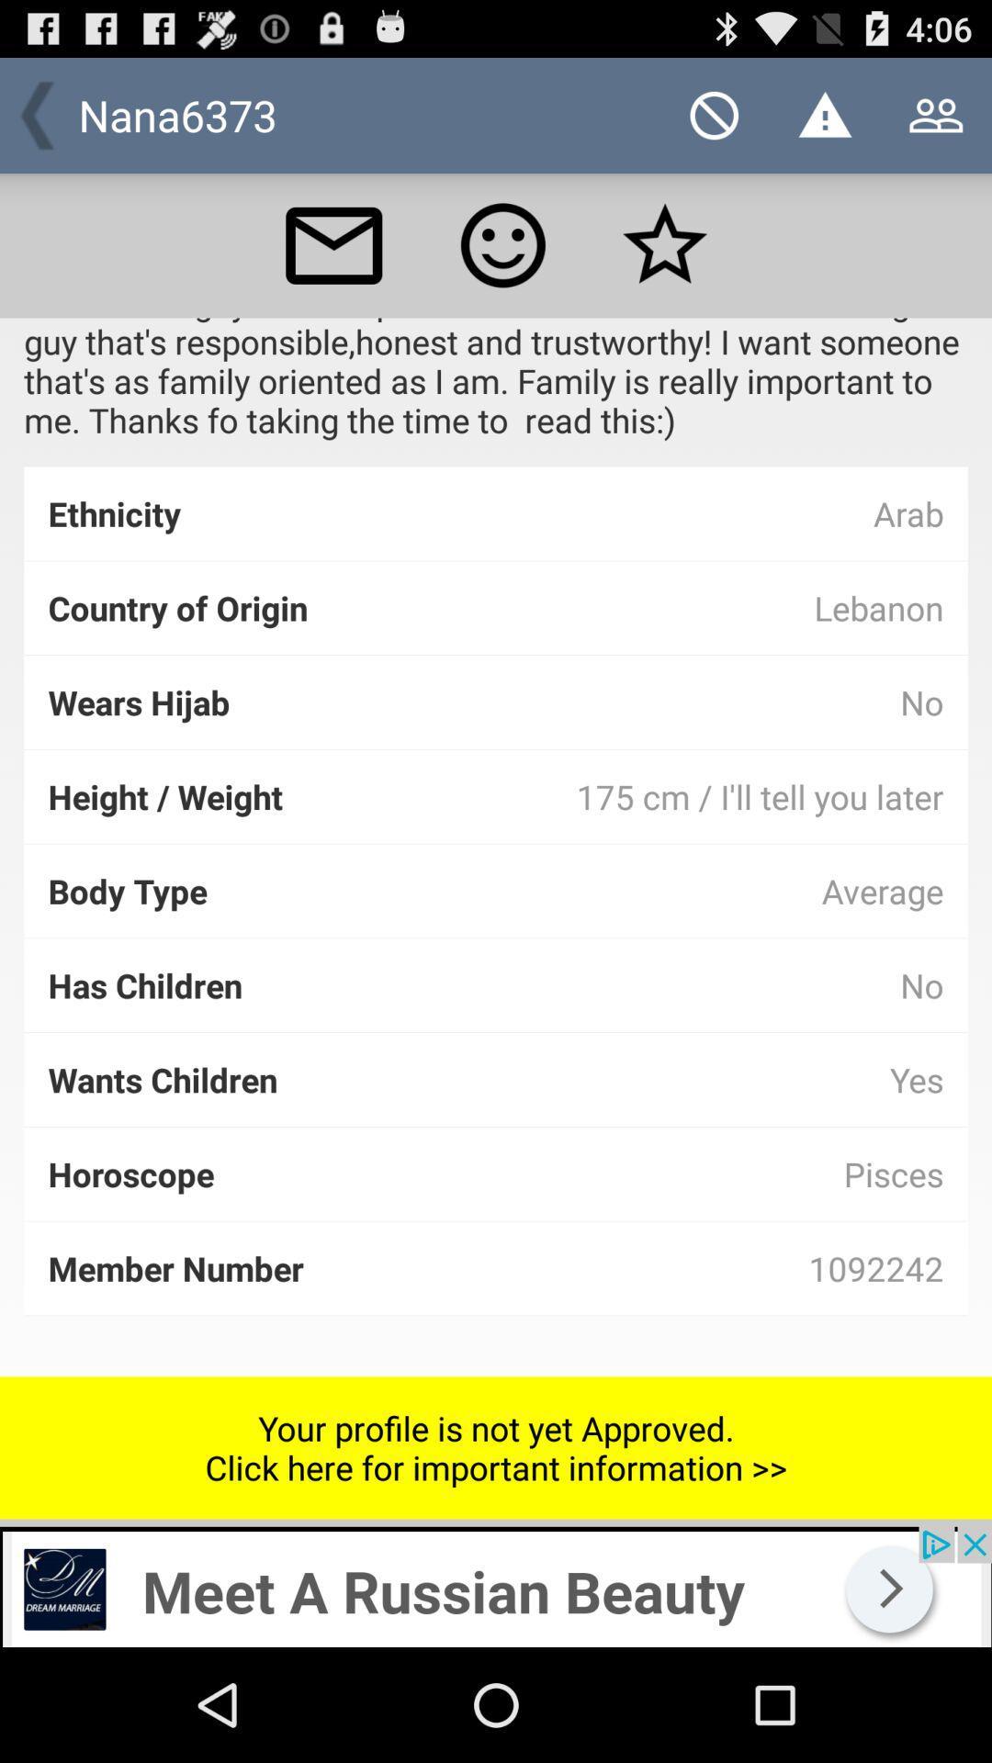 The height and width of the screenshot is (1763, 992). Describe the element at coordinates (502, 244) in the screenshot. I see `rating button` at that location.